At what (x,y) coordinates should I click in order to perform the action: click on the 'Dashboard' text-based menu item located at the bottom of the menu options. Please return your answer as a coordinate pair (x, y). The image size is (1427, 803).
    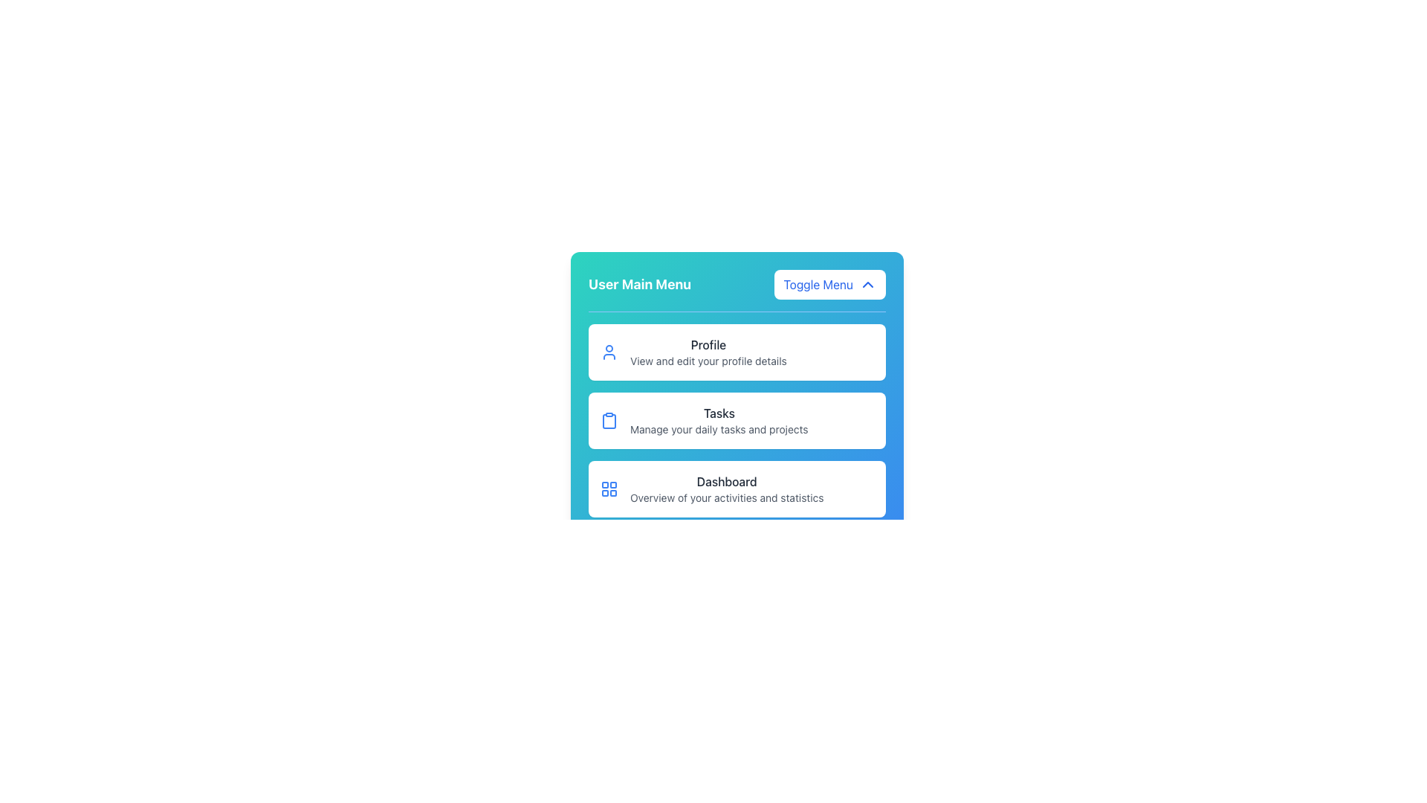
    Looking at the image, I should click on (727, 489).